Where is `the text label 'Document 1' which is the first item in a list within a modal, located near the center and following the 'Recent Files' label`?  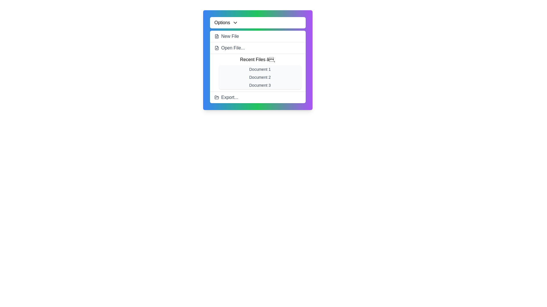
the text label 'Document 1' which is the first item in a list within a modal, located near the center and following the 'Recent Files' label is located at coordinates (260, 69).